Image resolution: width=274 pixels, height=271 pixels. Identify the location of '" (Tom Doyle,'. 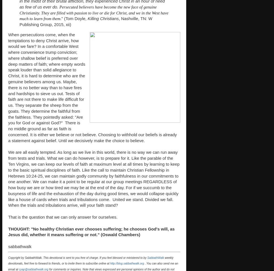
(74, 18).